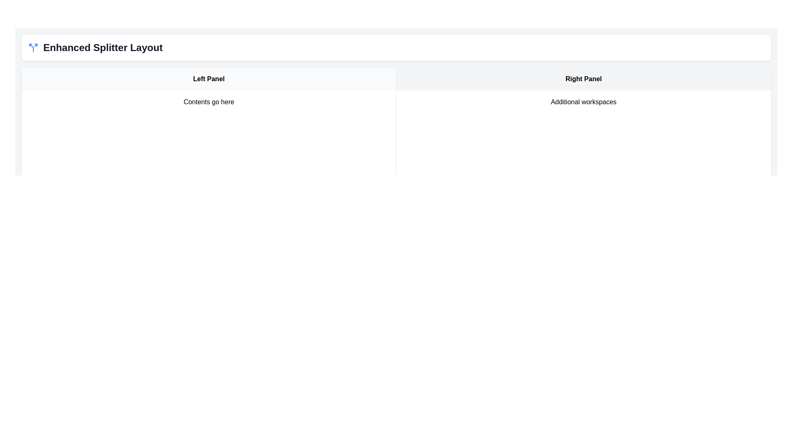 This screenshot has width=792, height=445. Describe the element at coordinates (209, 79) in the screenshot. I see `text from the header labeled 'Left Panel' which is located in the left panel of the UI and has a light gray background with bold black text` at that location.